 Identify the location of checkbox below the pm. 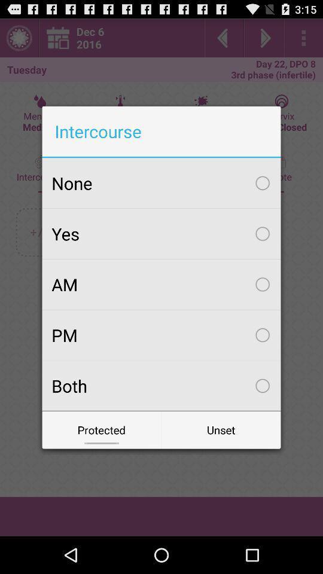
(161, 385).